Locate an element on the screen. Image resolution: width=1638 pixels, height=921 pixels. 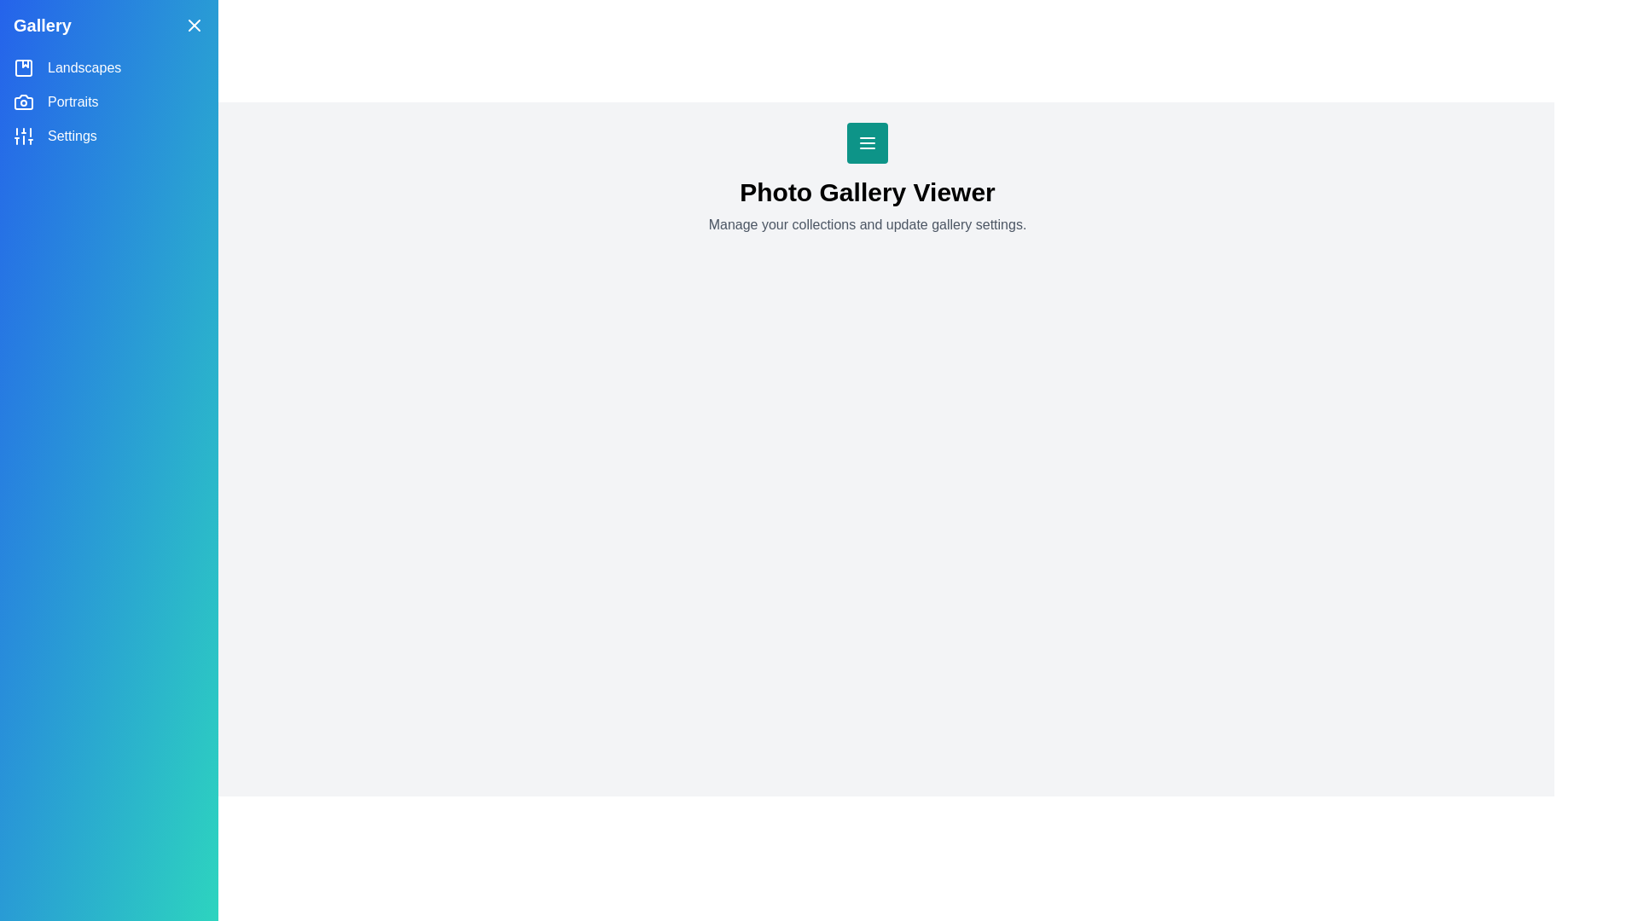
the close button in the top-right corner of the side drawer is located at coordinates (194, 26).